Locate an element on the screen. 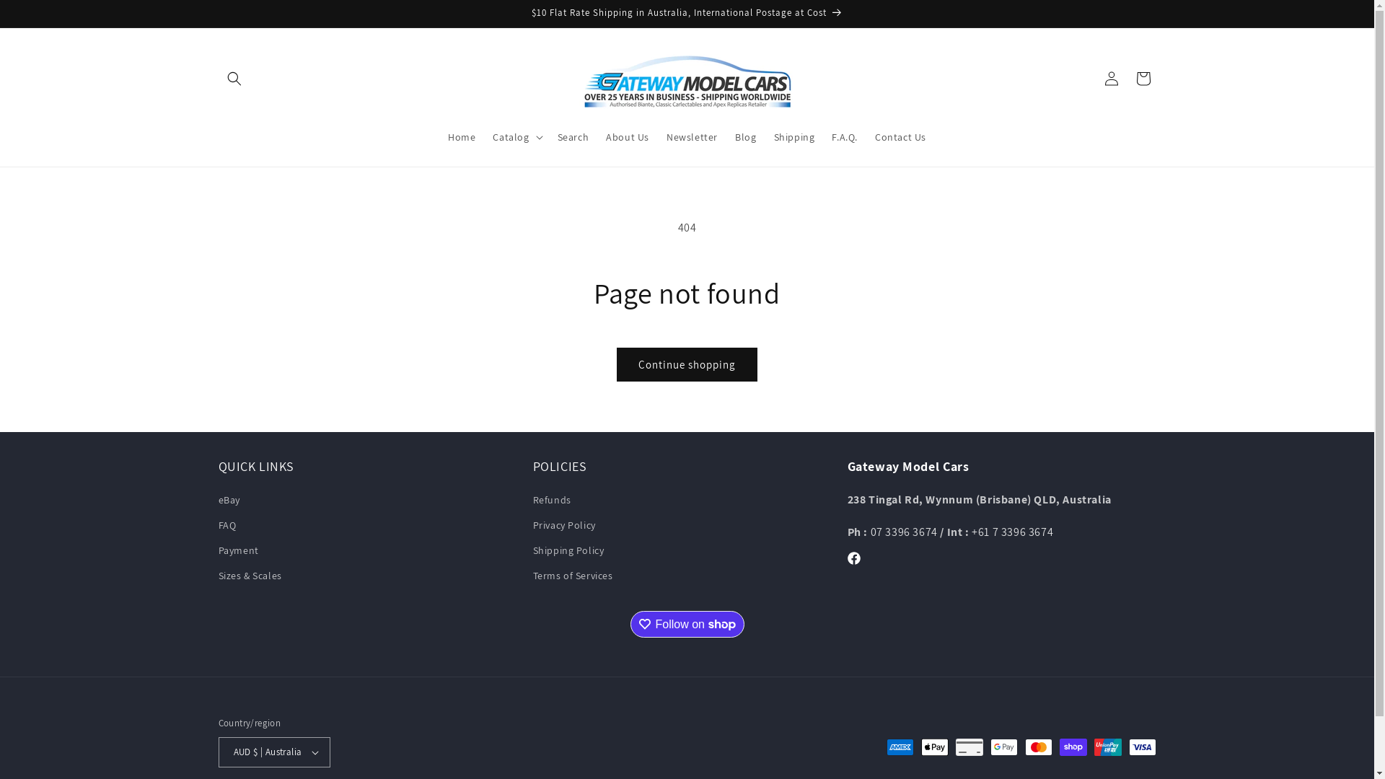  'AUD $ | Australia' is located at coordinates (217, 751).